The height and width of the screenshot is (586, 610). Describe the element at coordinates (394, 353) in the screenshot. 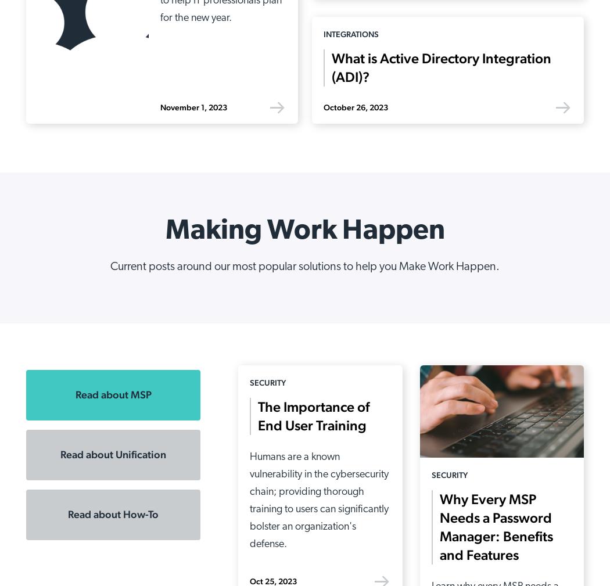

I see `'Webinars'` at that location.